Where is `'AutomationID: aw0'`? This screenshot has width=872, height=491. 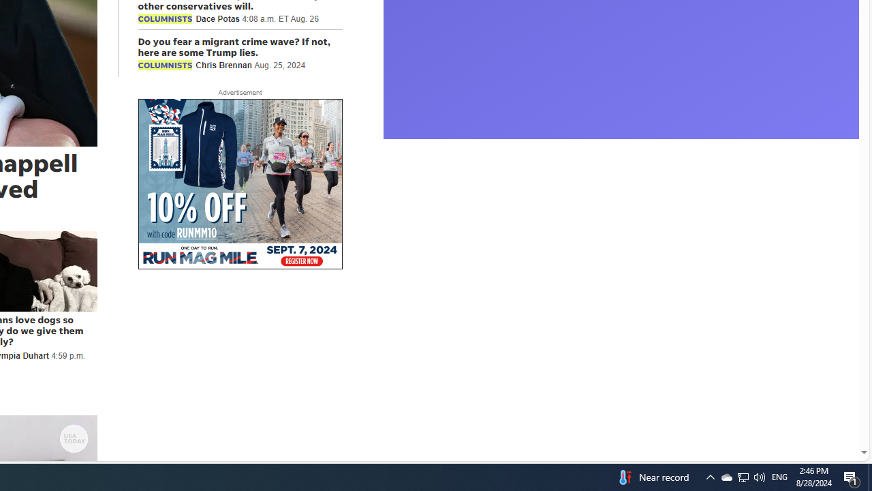 'AutomationID: aw0' is located at coordinates (240, 185).